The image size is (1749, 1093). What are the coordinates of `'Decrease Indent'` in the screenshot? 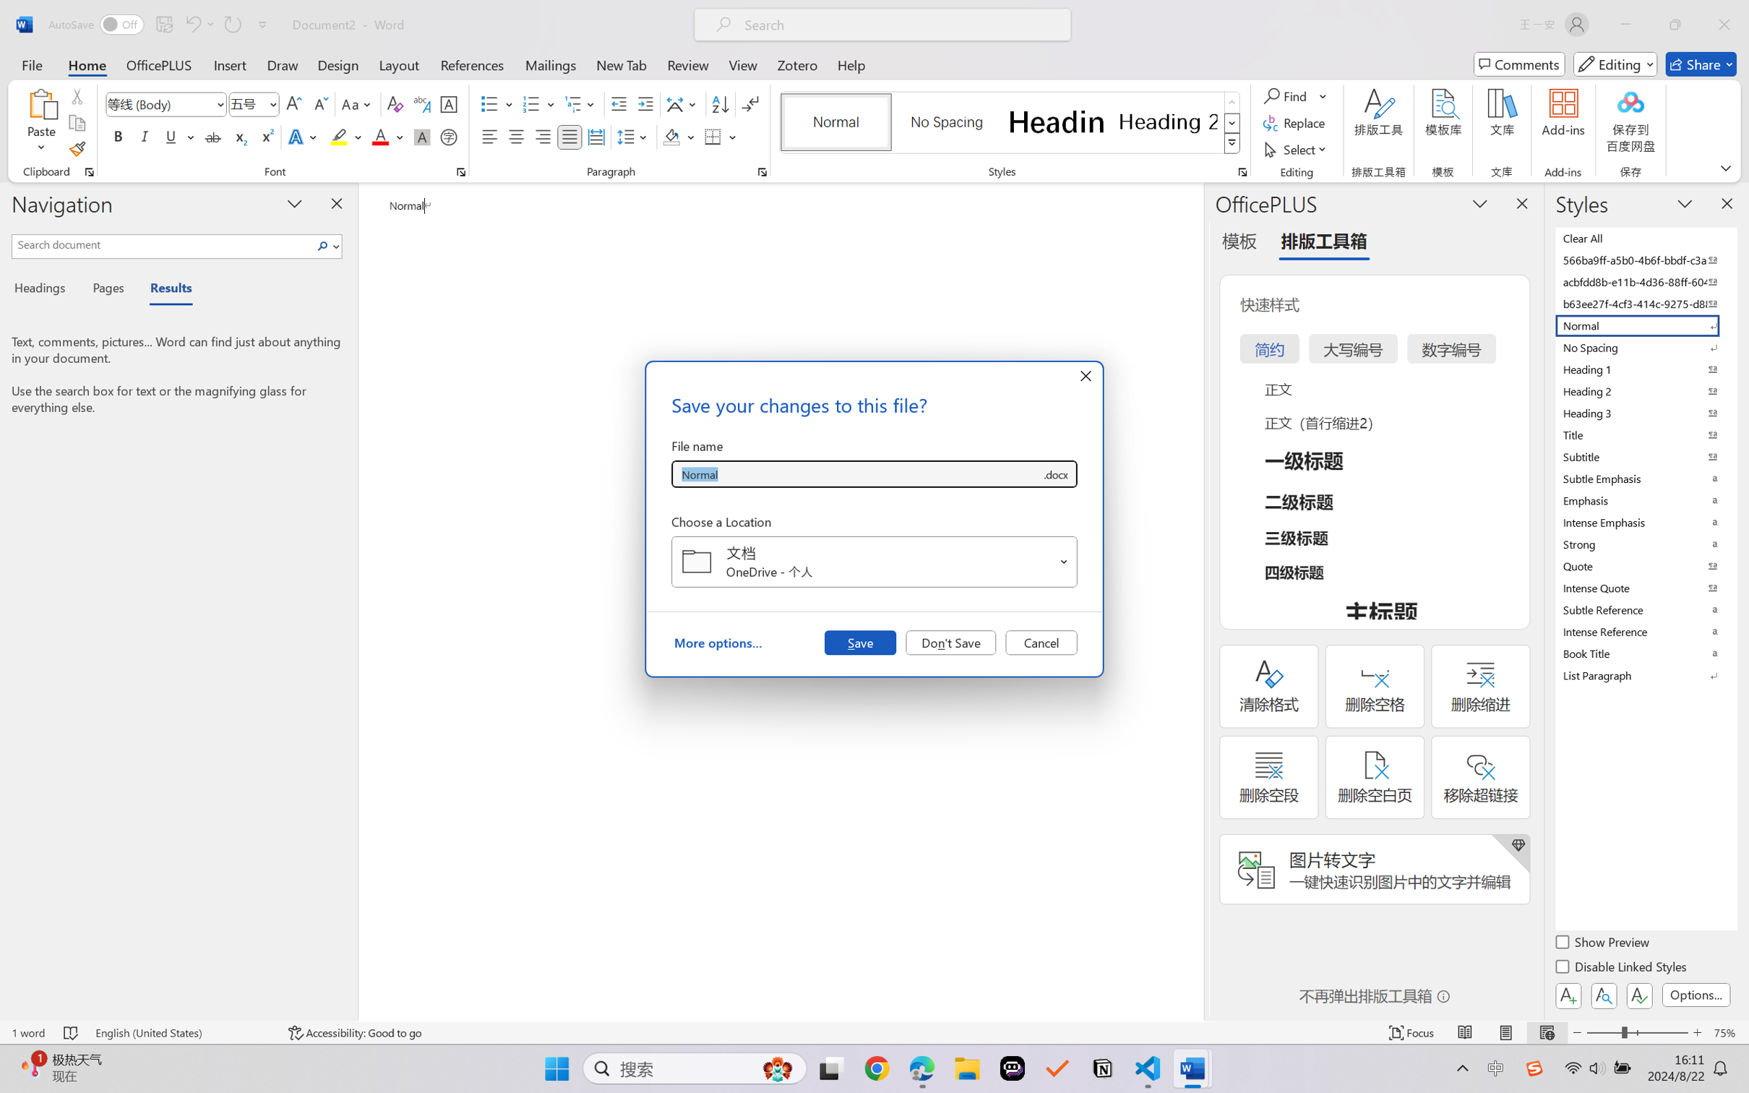 It's located at (619, 104).